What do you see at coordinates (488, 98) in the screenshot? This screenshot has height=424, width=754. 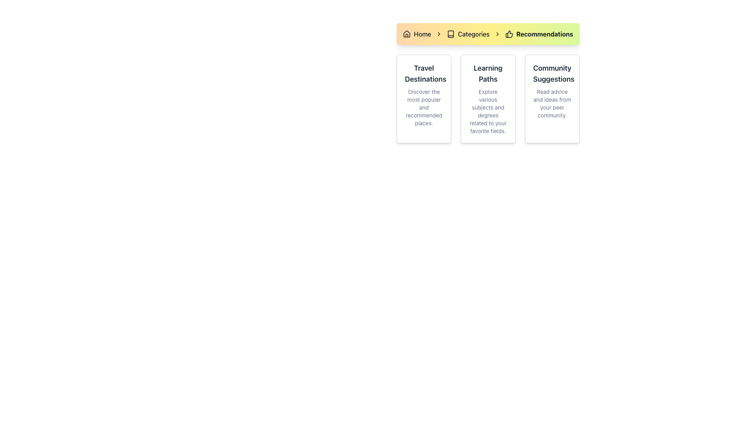 I see `the informational card that provides guidance on learning paths, positioned as the second card in a grid layout between 'Travel Destinations' and 'Community Suggestions'` at bounding box center [488, 98].